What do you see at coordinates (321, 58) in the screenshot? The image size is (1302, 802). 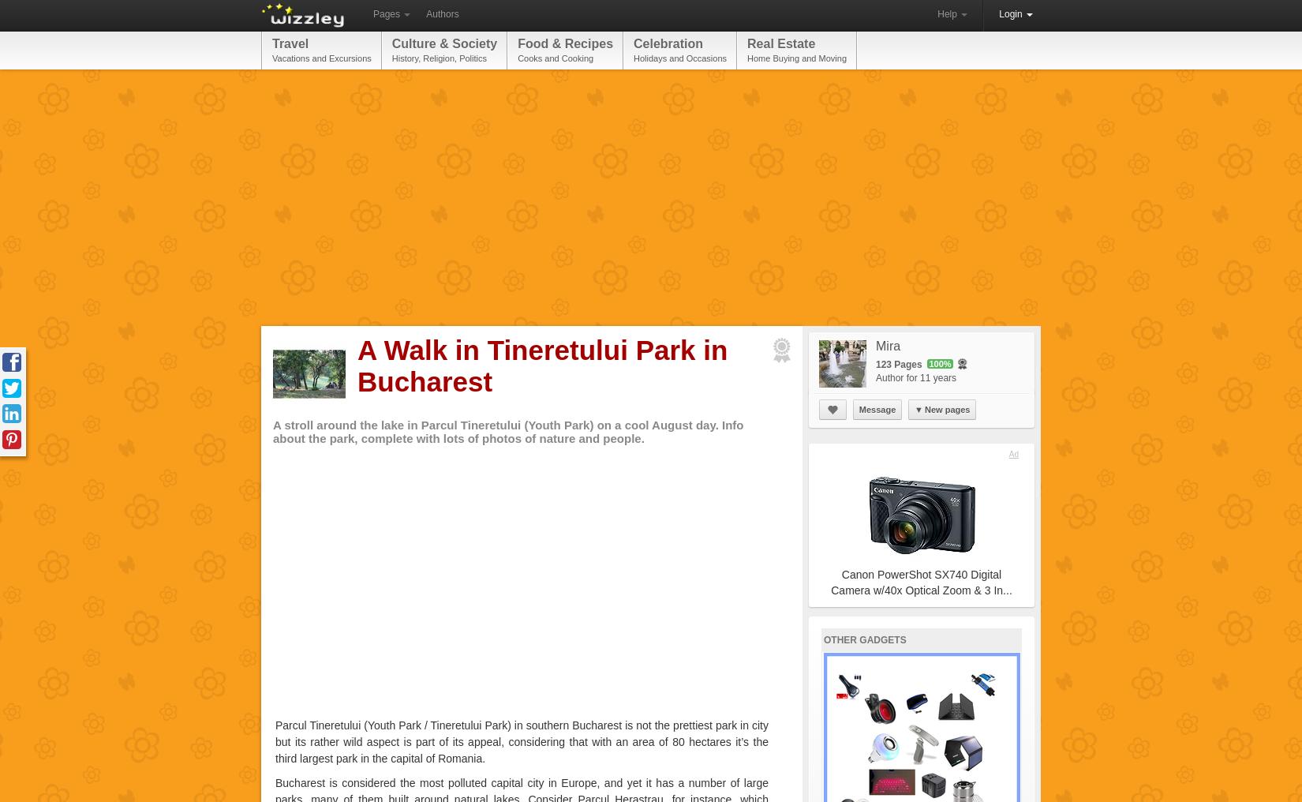 I see `'Vacations and Excursions'` at bounding box center [321, 58].